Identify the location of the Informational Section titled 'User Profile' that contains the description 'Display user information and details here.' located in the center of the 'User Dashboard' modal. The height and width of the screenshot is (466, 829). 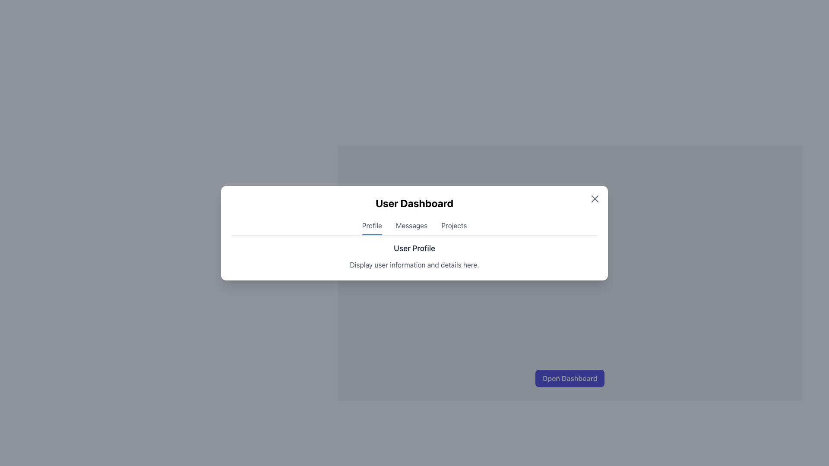
(414, 255).